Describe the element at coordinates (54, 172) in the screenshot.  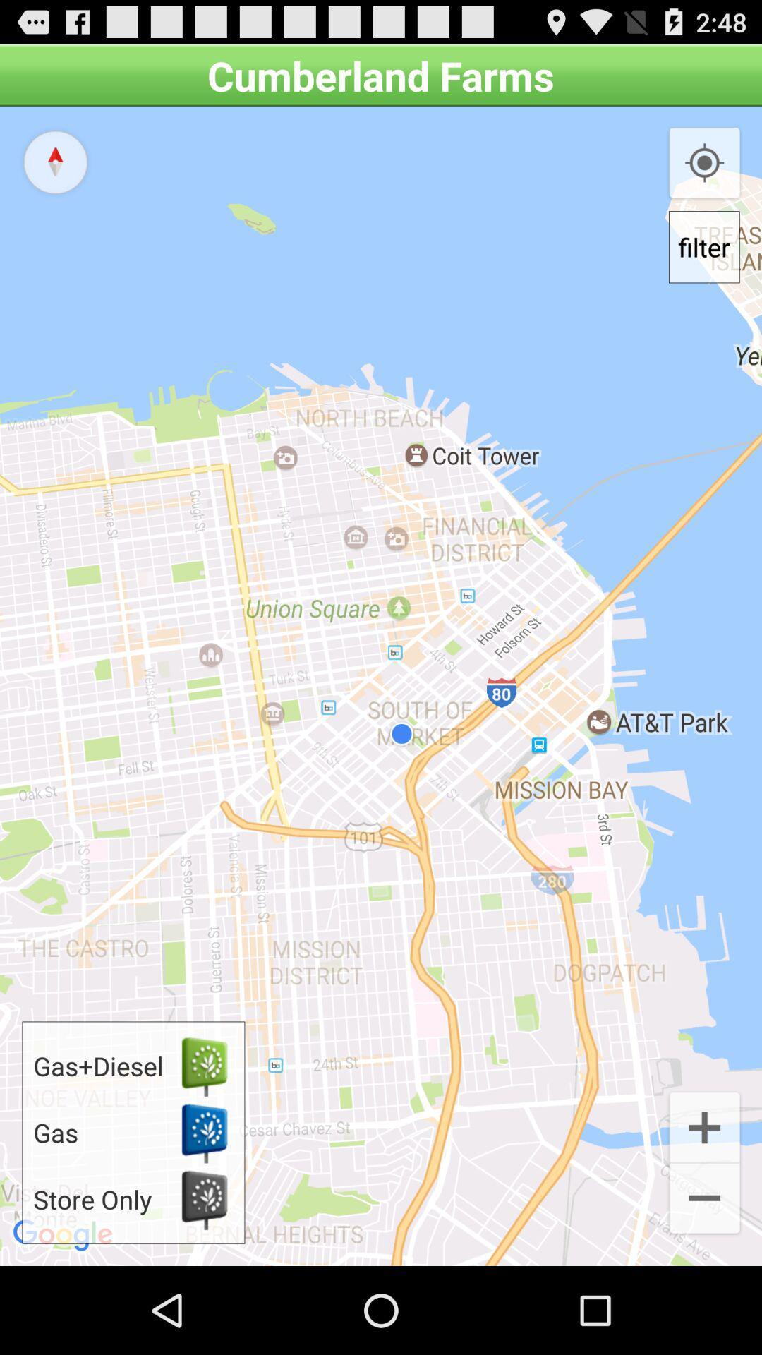
I see `the explore icon` at that location.